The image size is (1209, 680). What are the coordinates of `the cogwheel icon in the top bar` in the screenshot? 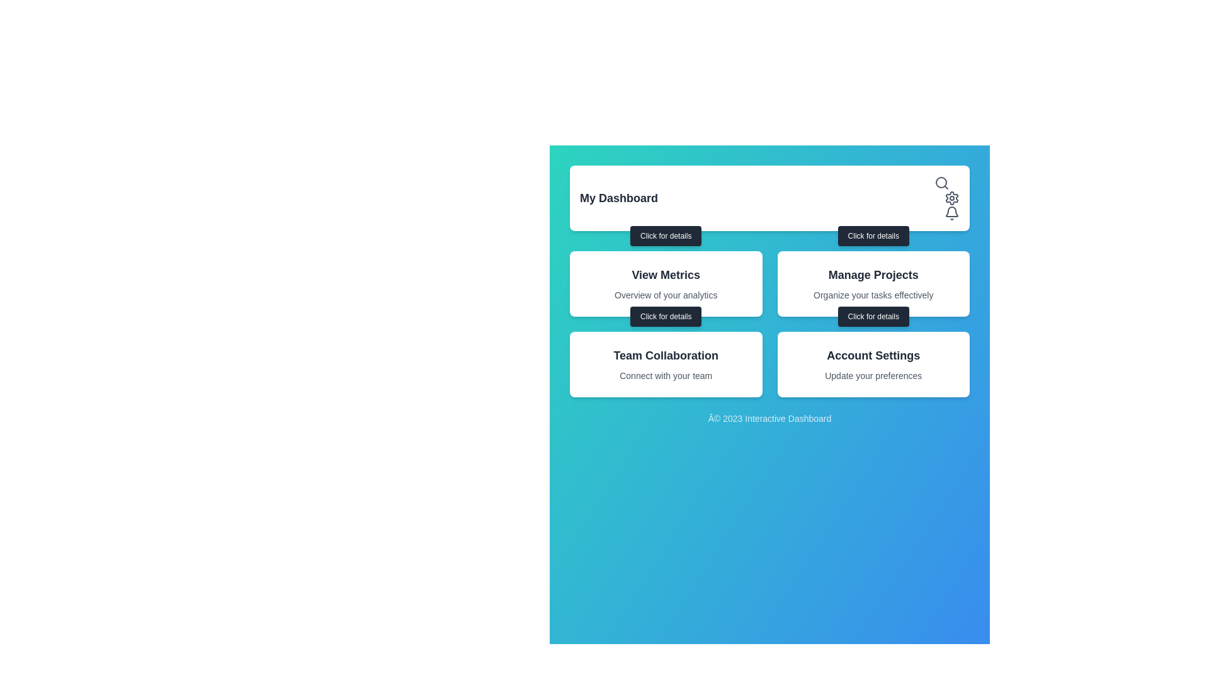 It's located at (952, 198).